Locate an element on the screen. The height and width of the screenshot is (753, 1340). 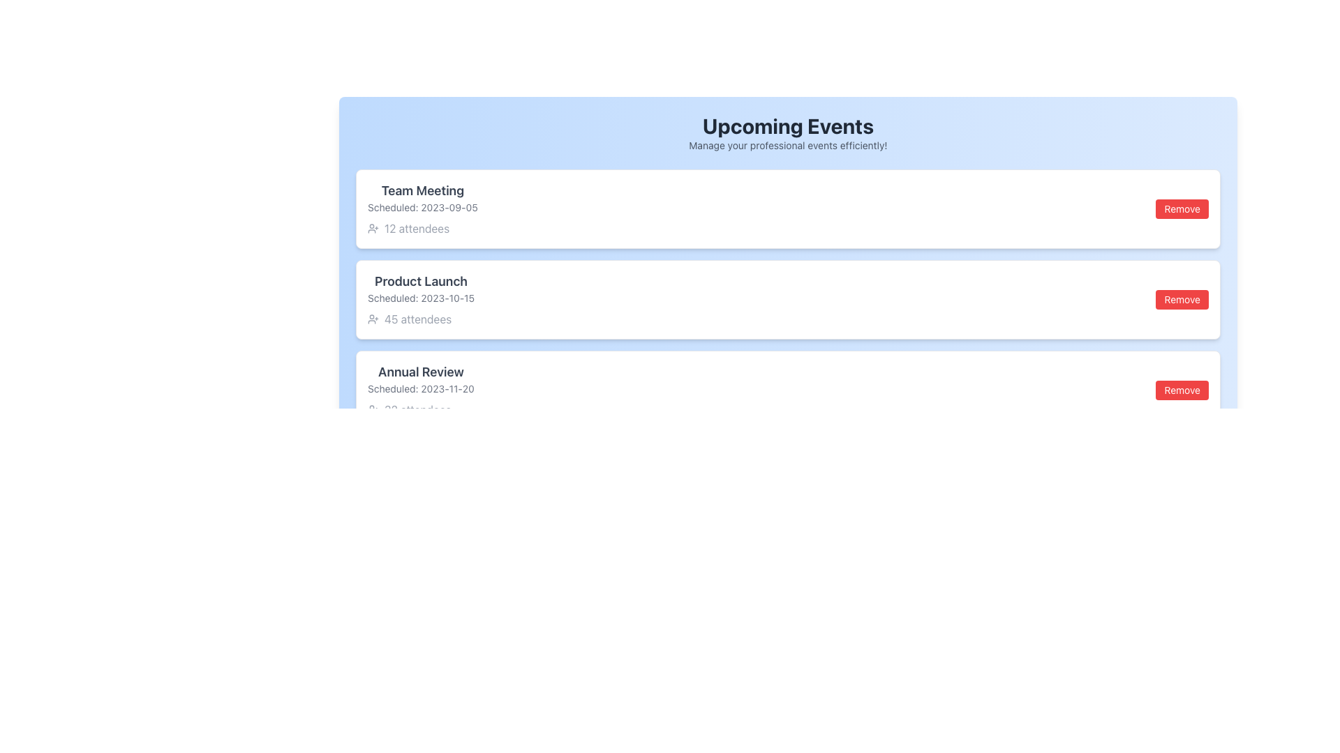
the text displaying '12 attendees' located in the first event card titled 'Team Meeting', which is positioned centrally below the title and date information is located at coordinates (416, 227).